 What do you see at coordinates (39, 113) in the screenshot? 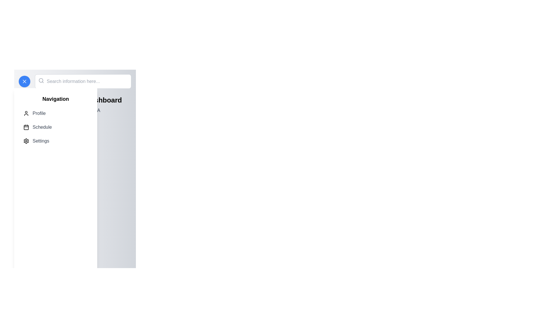
I see `the 'Profile' text label in the sidebar menu, which is styled in gray and positioned next to the user profile icon` at bounding box center [39, 113].